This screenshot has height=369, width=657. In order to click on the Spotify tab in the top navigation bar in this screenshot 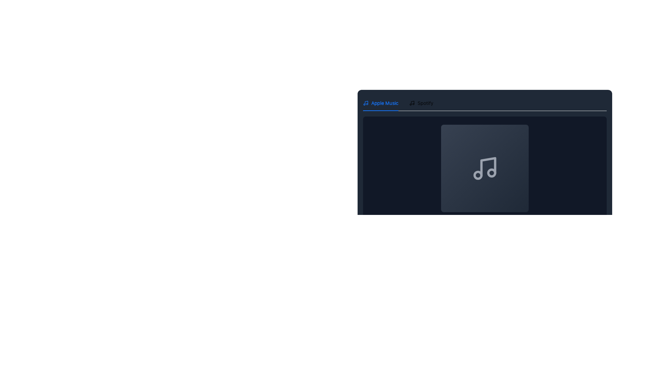, I will do `click(421, 103)`.